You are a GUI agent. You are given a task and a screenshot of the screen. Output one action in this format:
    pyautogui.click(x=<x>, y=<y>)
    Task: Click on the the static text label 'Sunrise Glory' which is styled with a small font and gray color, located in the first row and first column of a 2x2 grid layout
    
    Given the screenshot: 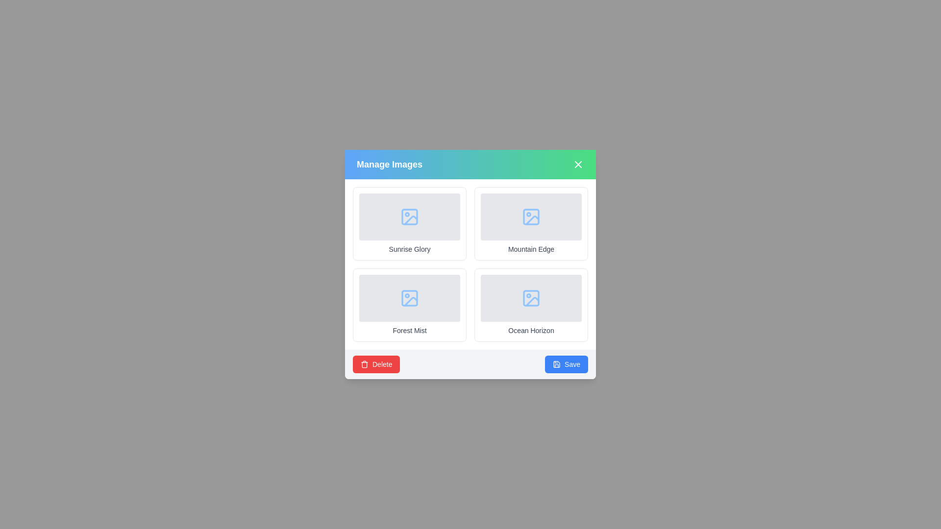 What is the action you would take?
    pyautogui.click(x=409, y=249)
    